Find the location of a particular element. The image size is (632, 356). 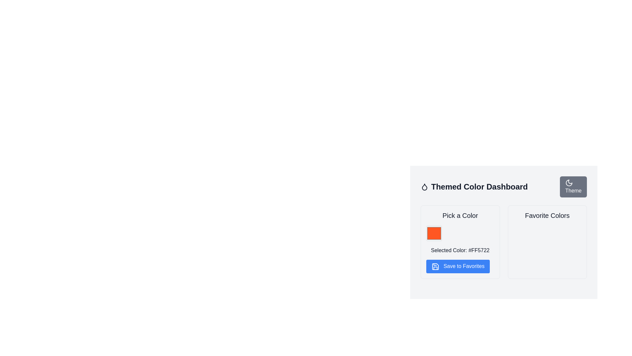

header text 'Favorite Colors' which is styled in a large, bold font and located at the top of a section in the right column of a two-column layout is located at coordinates (547, 216).